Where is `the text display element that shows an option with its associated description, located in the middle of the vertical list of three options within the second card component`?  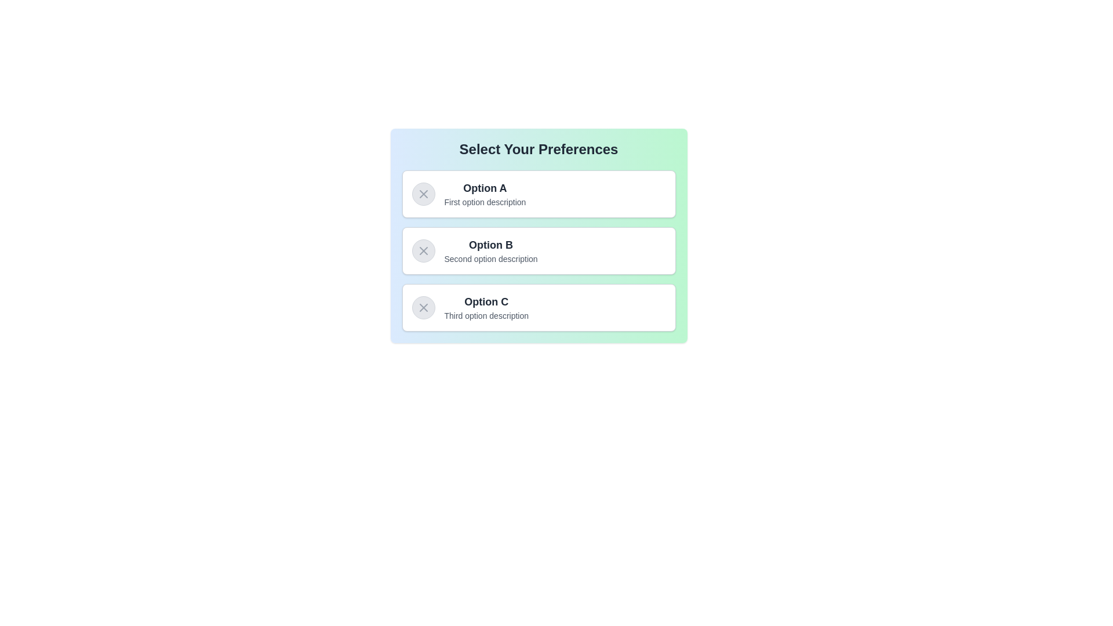 the text display element that shows an option with its associated description, located in the middle of the vertical list of three options within the second card component is located at coordinates (491, 250).